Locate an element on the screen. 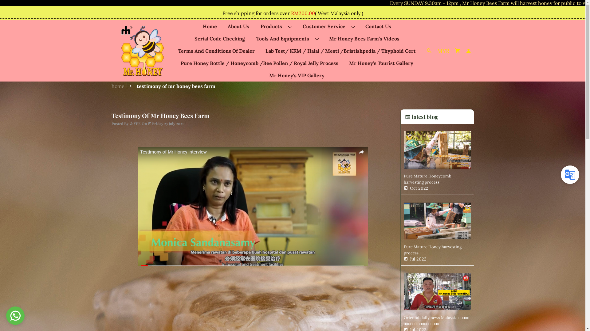 This screenshot has width=590, height=331. 'Customer Service' is located at coordinates (328, 26).